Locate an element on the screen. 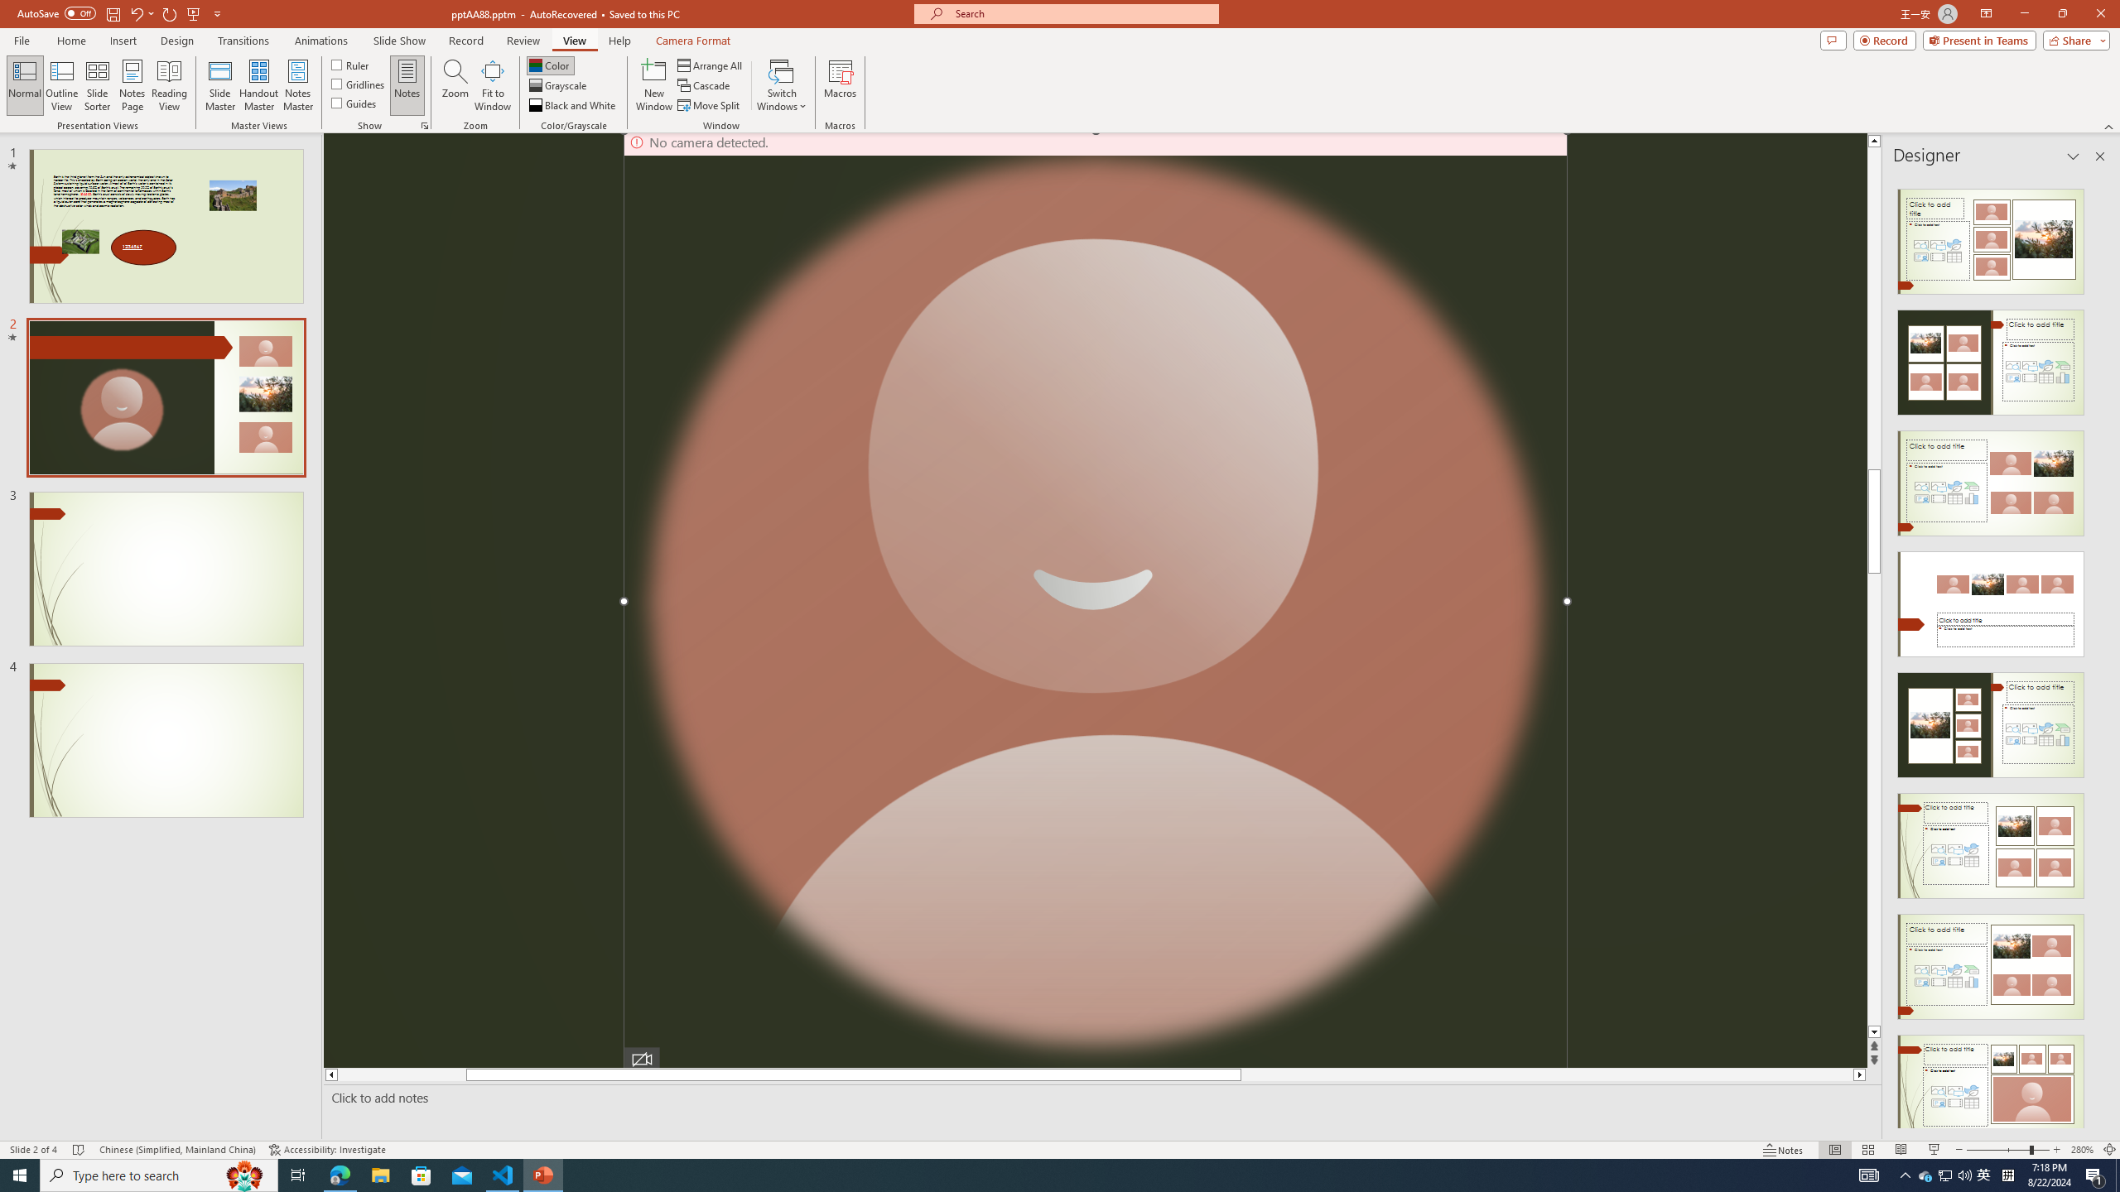  'File Tab' is located at coordinates (21, 39).